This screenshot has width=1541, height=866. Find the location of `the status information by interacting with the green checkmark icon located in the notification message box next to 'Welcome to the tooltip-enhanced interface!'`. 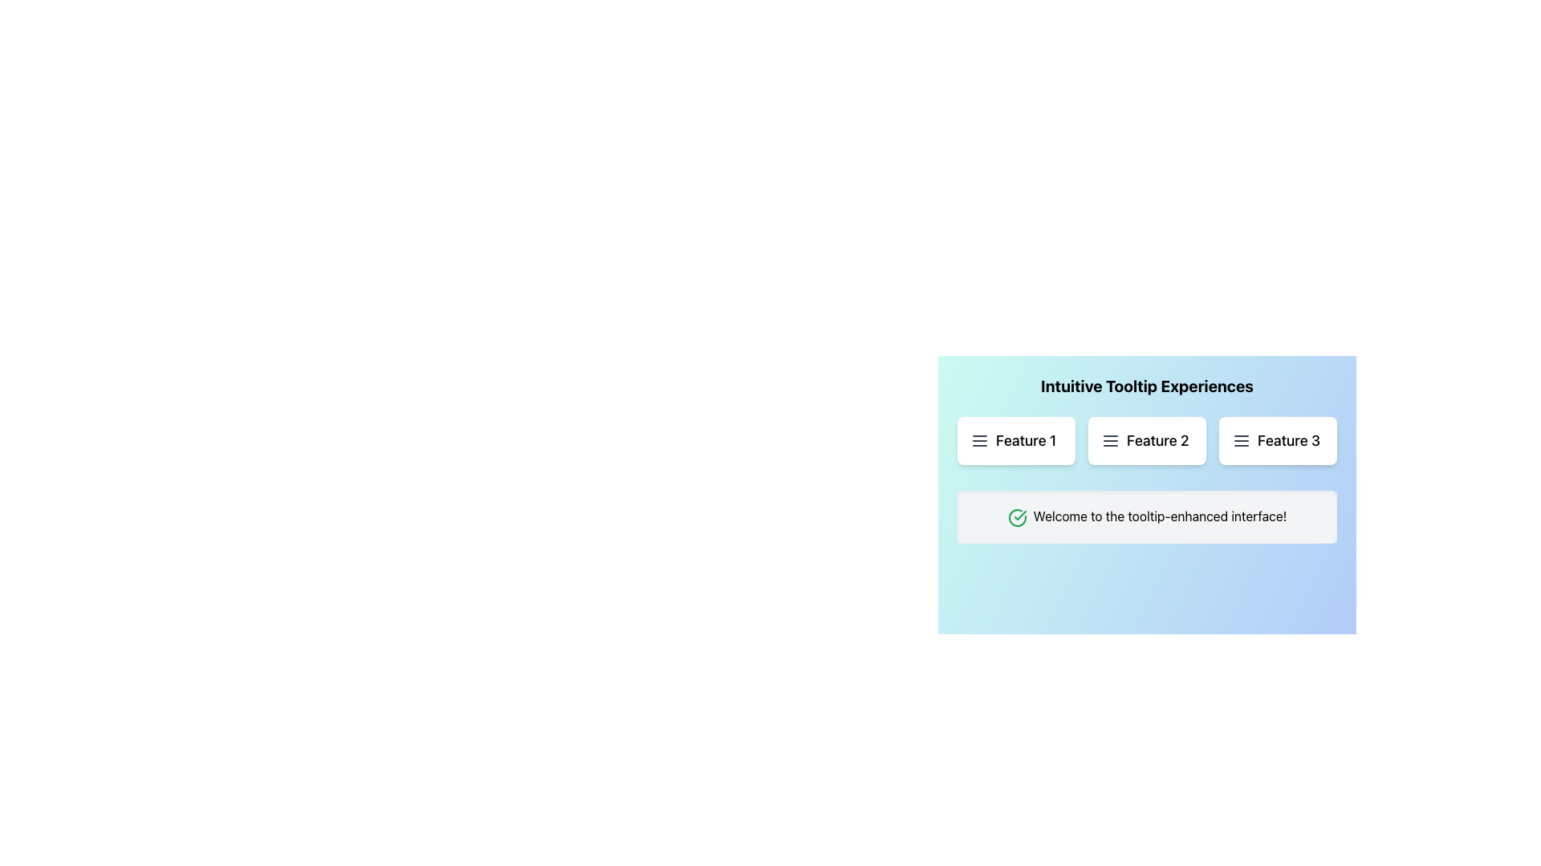

the status information by interacting with the green checkmark icon located in the notification message box next to 'Welcome to the tooltip-enhanced interface!' is located at coordinates (1019, 515).